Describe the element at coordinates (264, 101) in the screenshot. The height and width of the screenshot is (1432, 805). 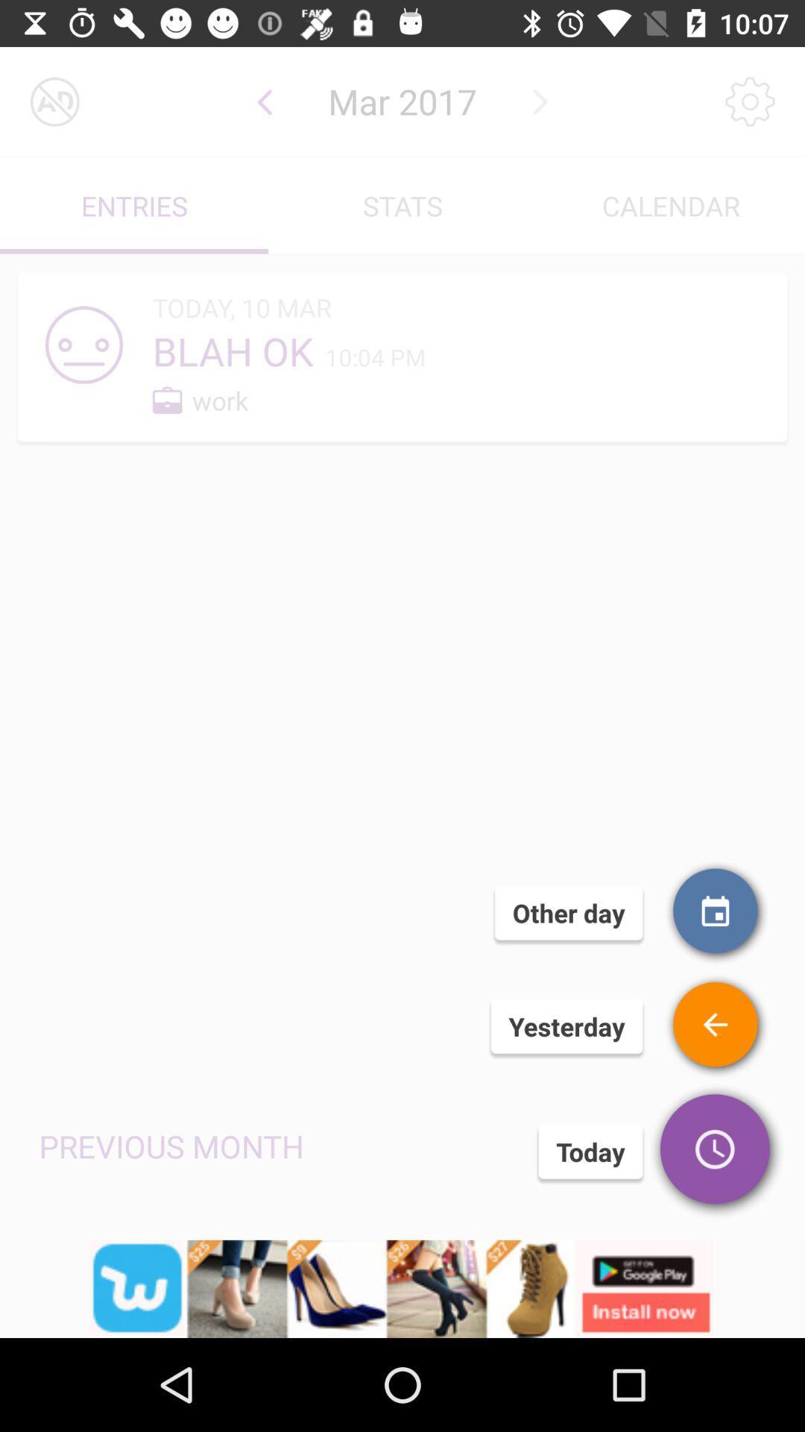
I see `the icon which is left side of mar 2017` at that location.